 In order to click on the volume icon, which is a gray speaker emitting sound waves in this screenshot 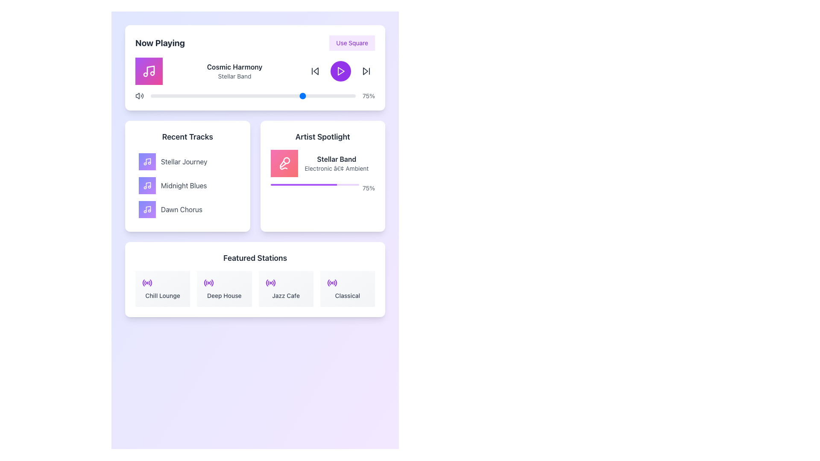, I will do `click(139, 96)`.